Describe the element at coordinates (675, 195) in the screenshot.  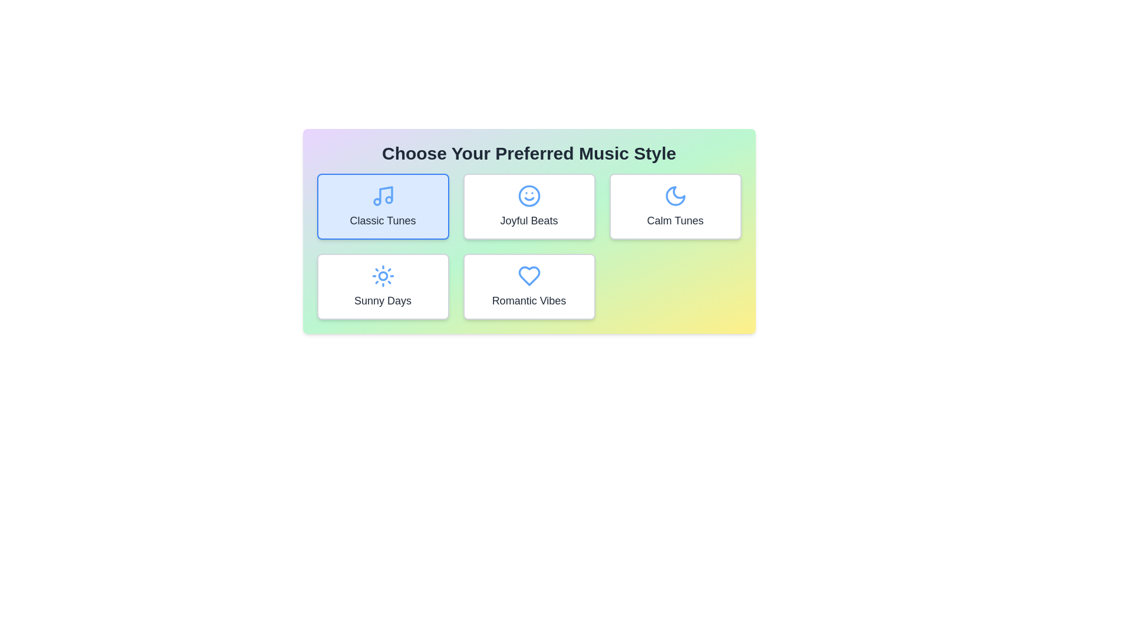
I see `the moon-shaped icon in light blue color located above the text label of the 'Calm Tunes' card, which is the third card in the top row of the grid layout` at that location.